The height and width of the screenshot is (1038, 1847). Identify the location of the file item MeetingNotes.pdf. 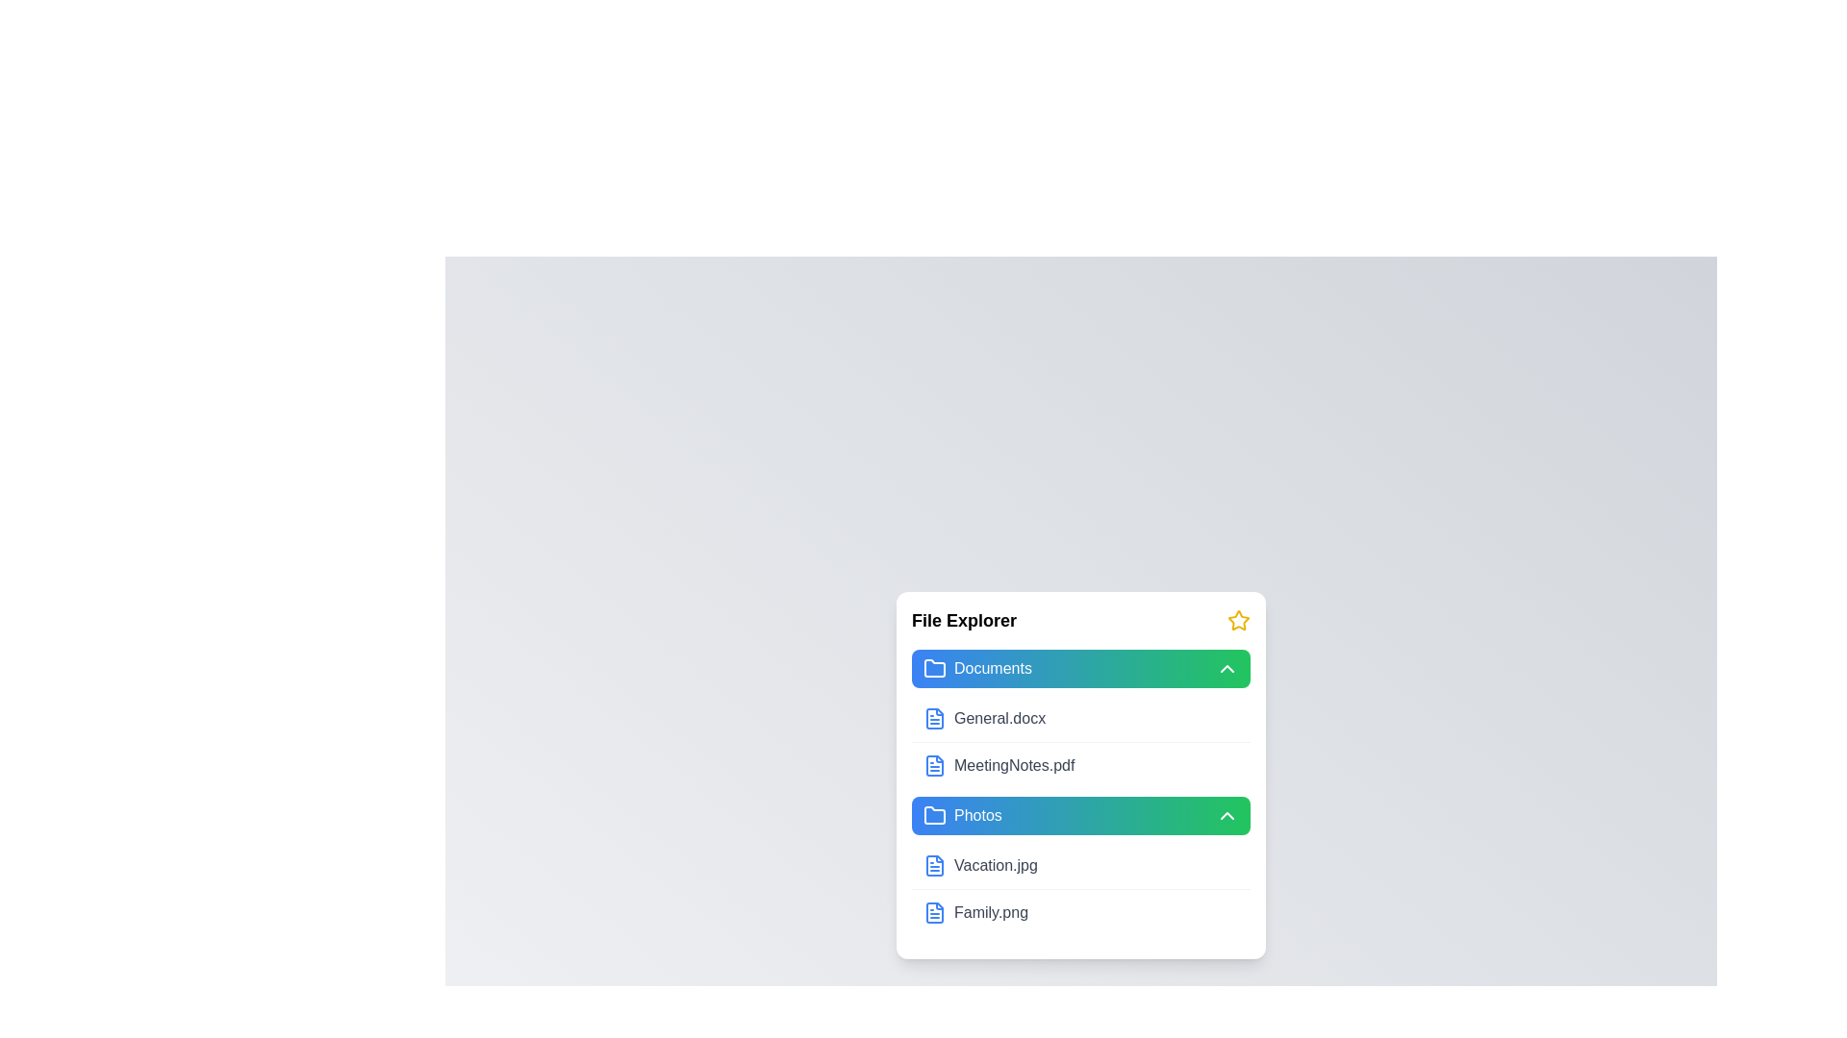
(1080, 763).